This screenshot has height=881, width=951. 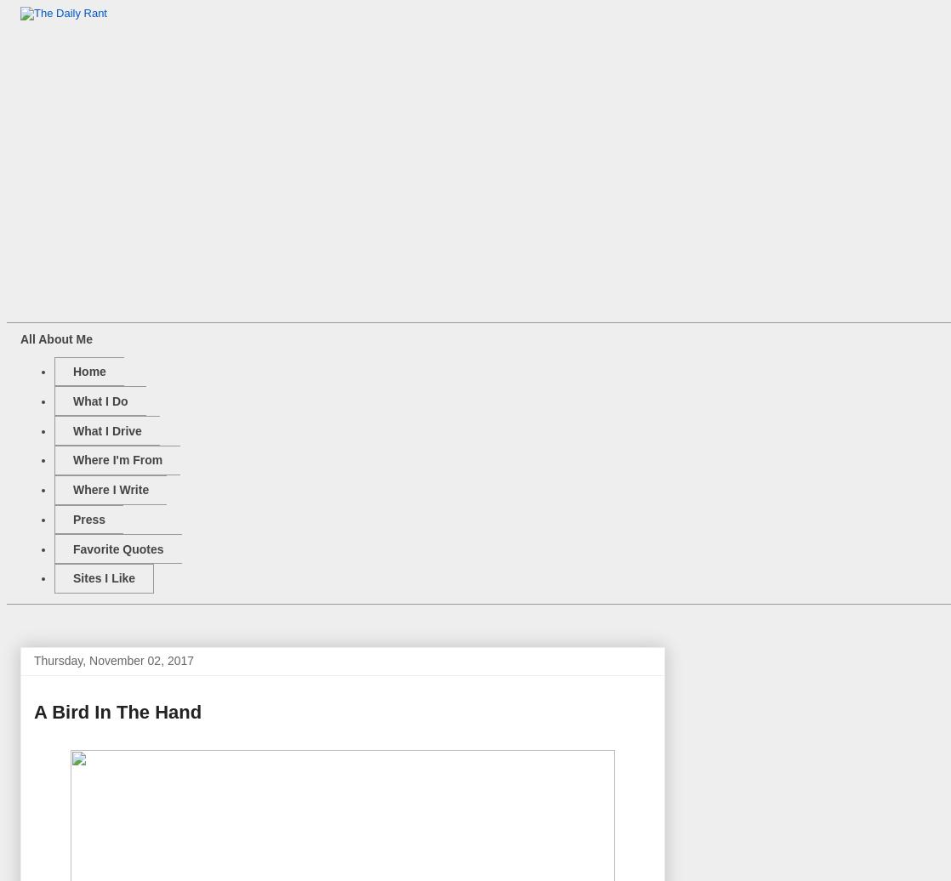 What do you see at coordinates (88, 371) in the screenshot?
I see `'Home'` at bounding box center [88, 371].